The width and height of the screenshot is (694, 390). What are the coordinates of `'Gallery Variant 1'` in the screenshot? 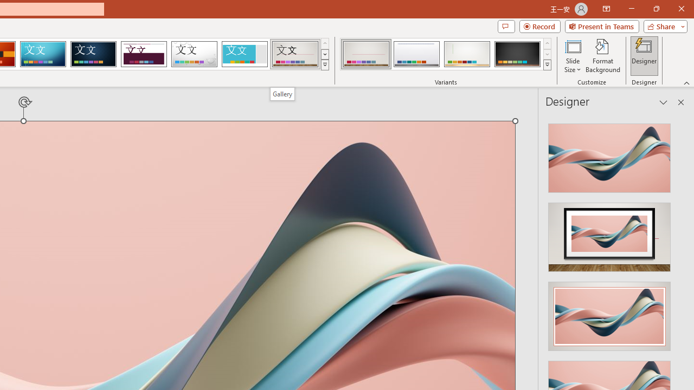 It's located at (366, 54).